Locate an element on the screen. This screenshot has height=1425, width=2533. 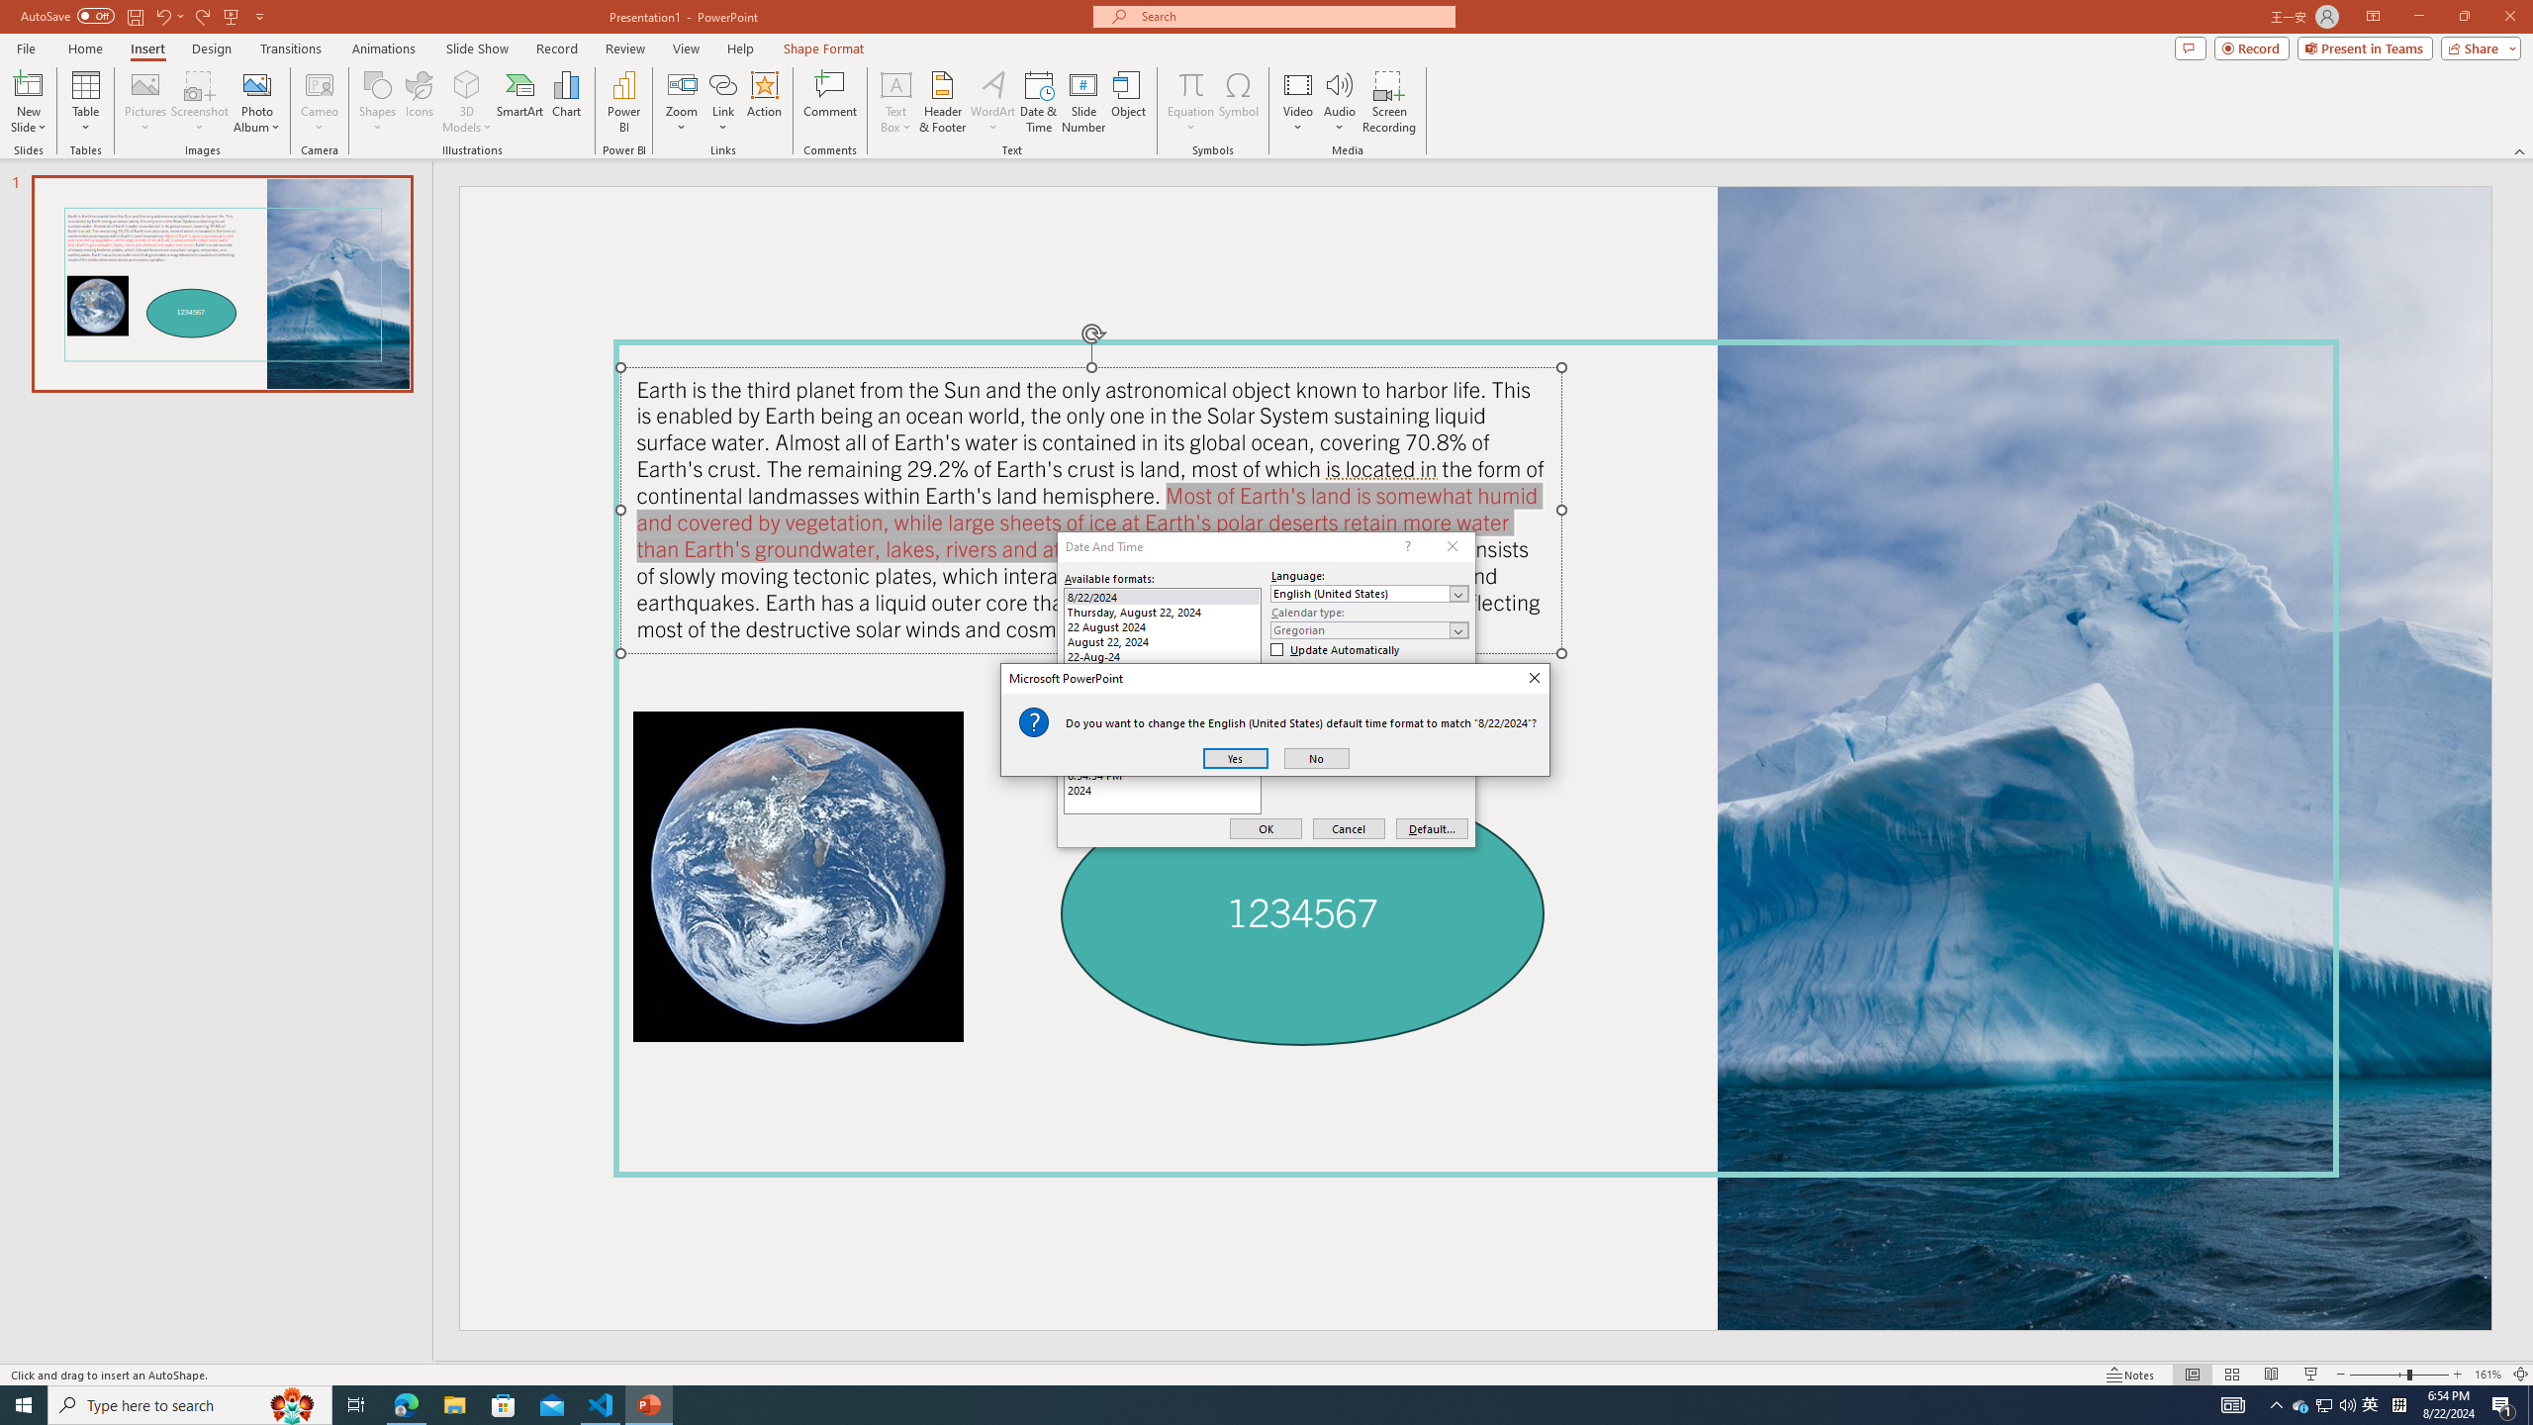
'Default...' is located at coordinates (1432, 829).